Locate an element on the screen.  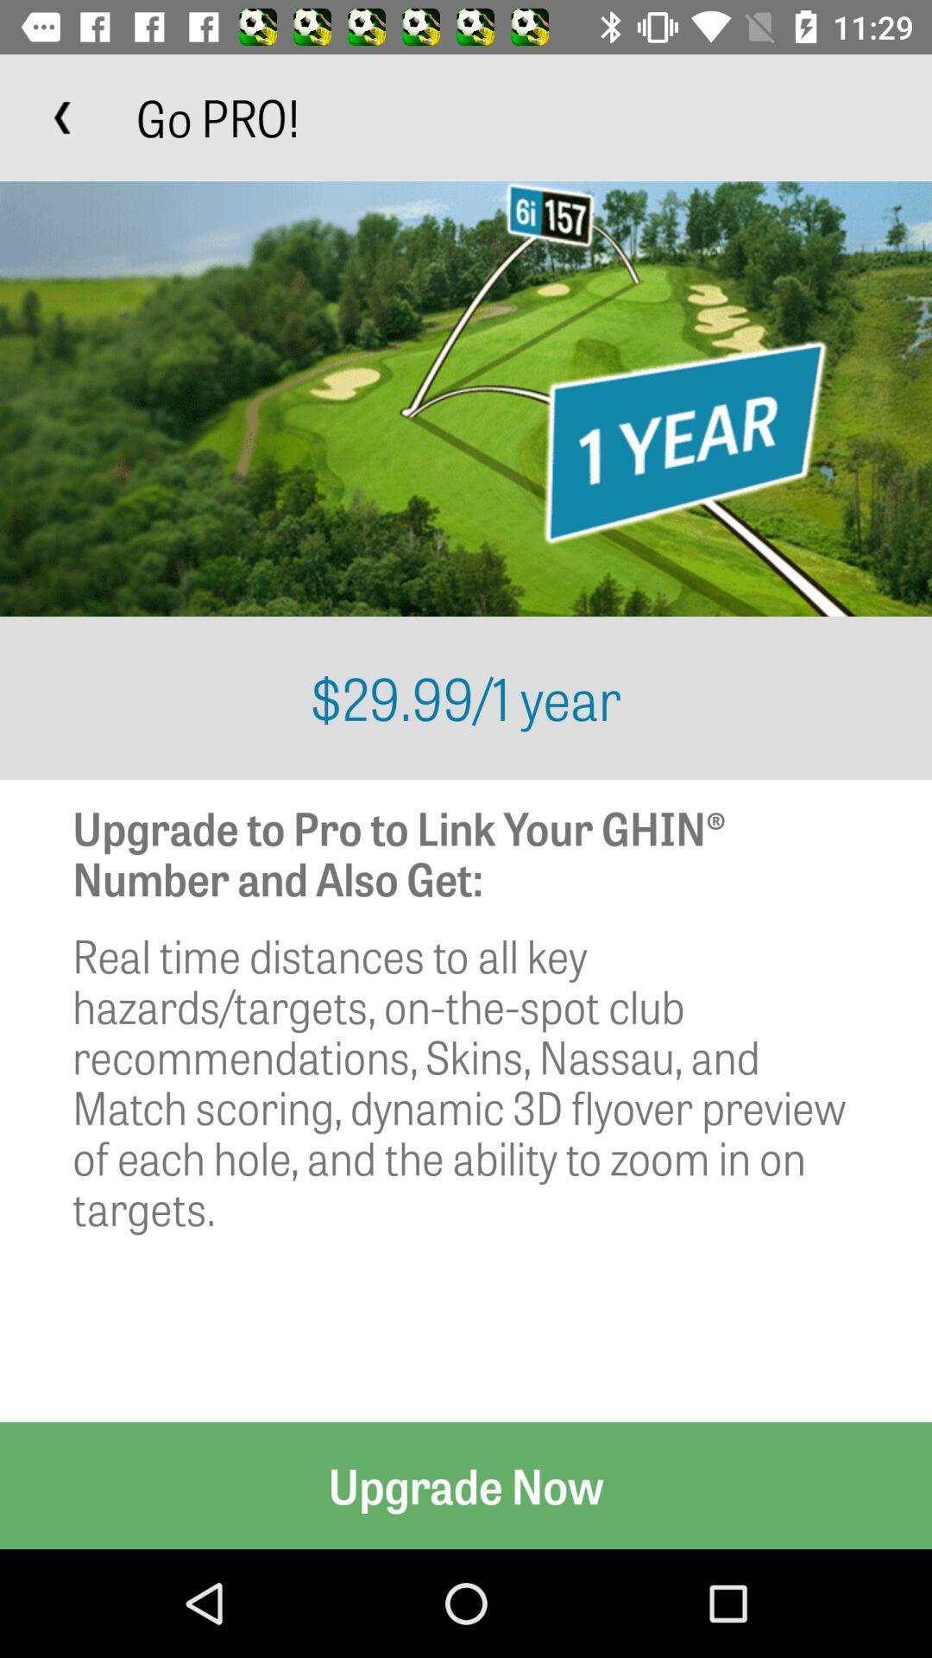
upgrade now icon is located at coordinates (466, 1484).